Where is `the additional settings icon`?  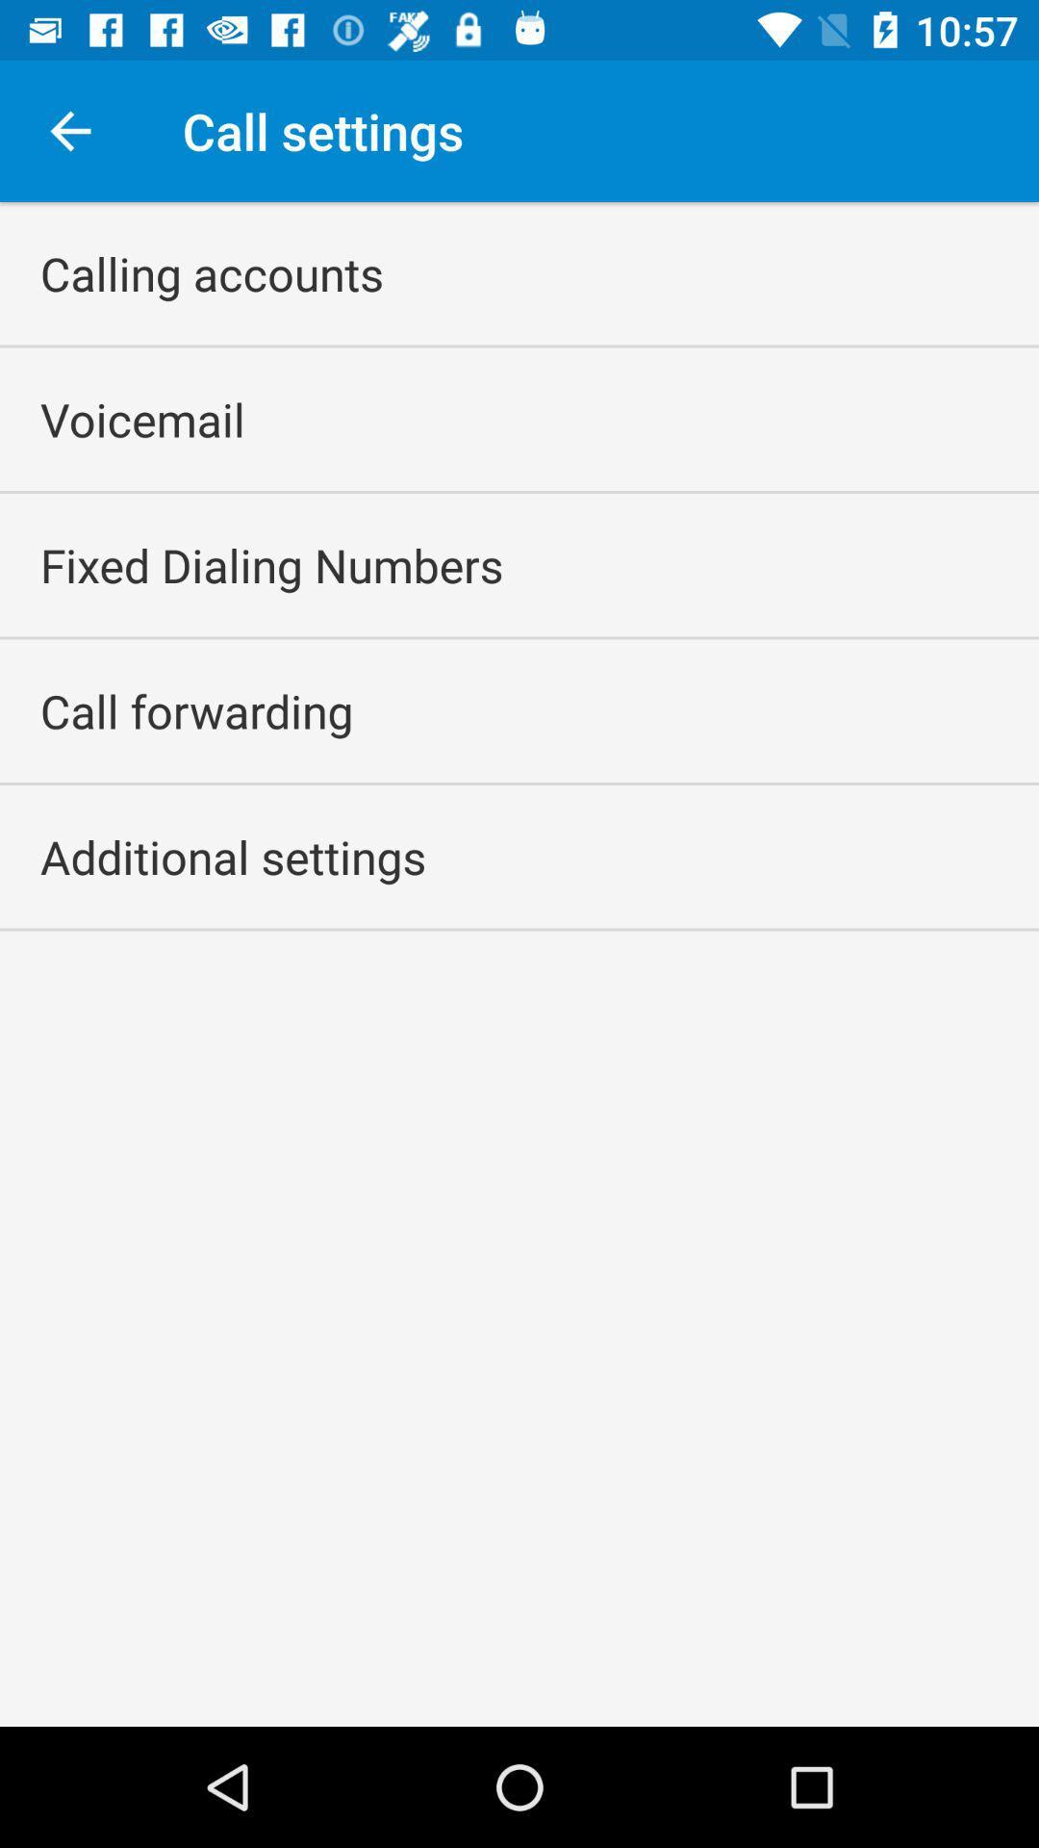 the additional settings icon is located at coordinates (232, 856).